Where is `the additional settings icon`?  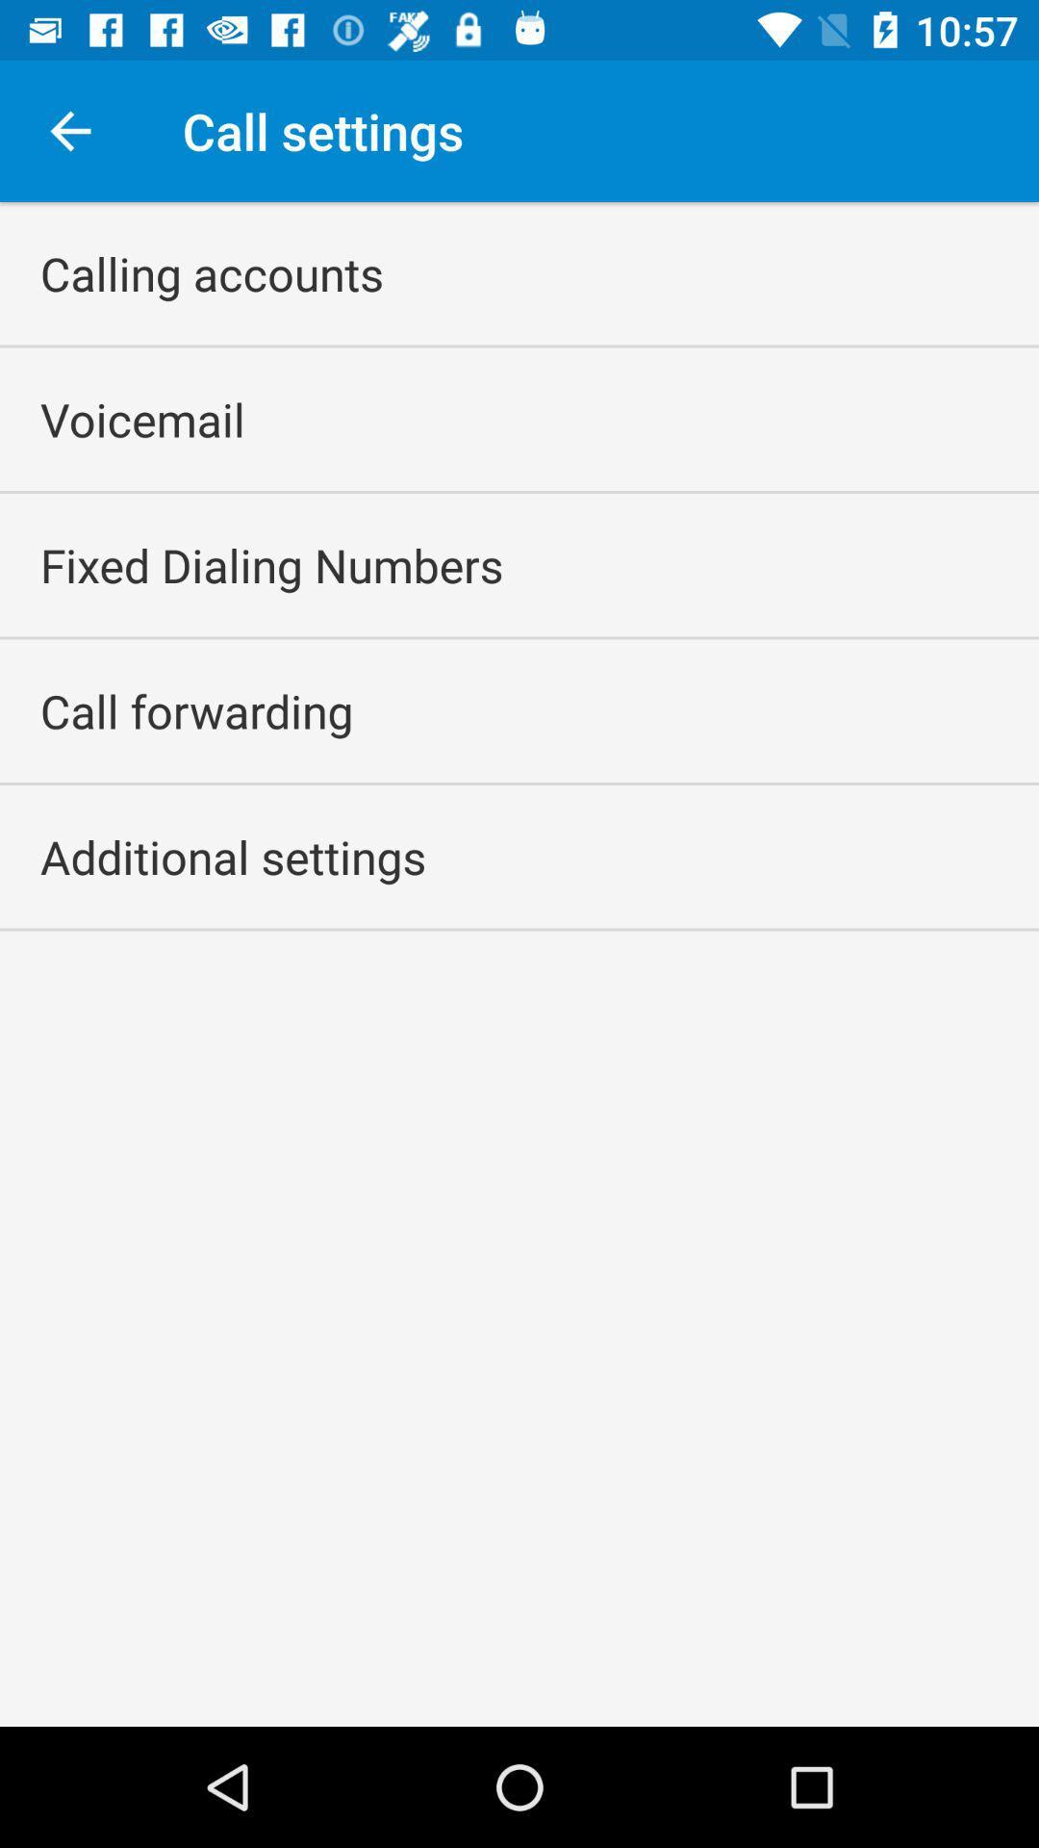 the additional settings icon is located at coordinates (232, 856).